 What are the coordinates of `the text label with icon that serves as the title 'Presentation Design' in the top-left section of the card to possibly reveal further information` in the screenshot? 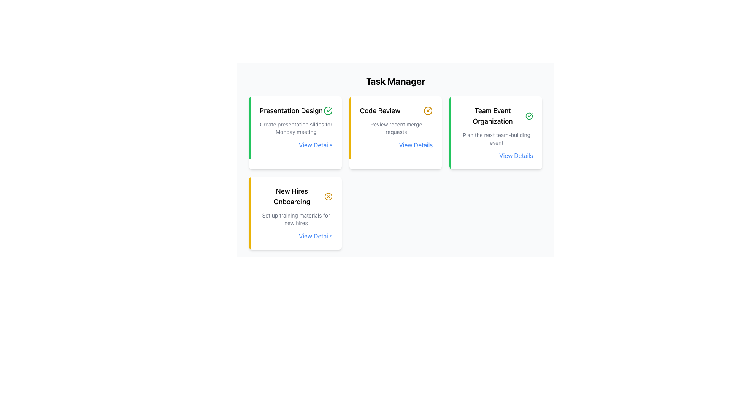 It's located at (295, 111).